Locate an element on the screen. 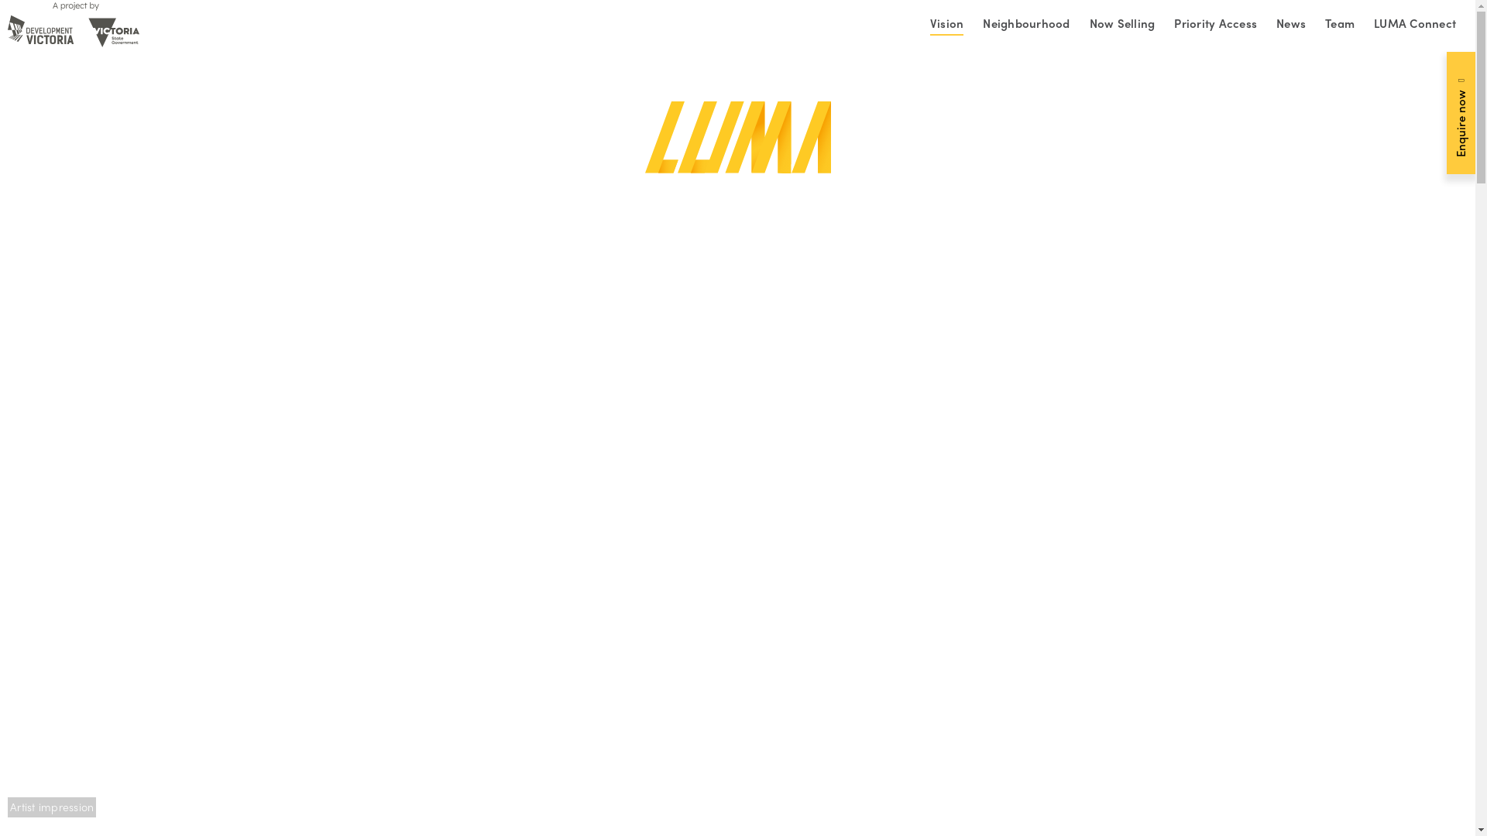 This screenshot has height=836, width=1487. 'LUMA Connect' is located at coordinates (1415, 26).